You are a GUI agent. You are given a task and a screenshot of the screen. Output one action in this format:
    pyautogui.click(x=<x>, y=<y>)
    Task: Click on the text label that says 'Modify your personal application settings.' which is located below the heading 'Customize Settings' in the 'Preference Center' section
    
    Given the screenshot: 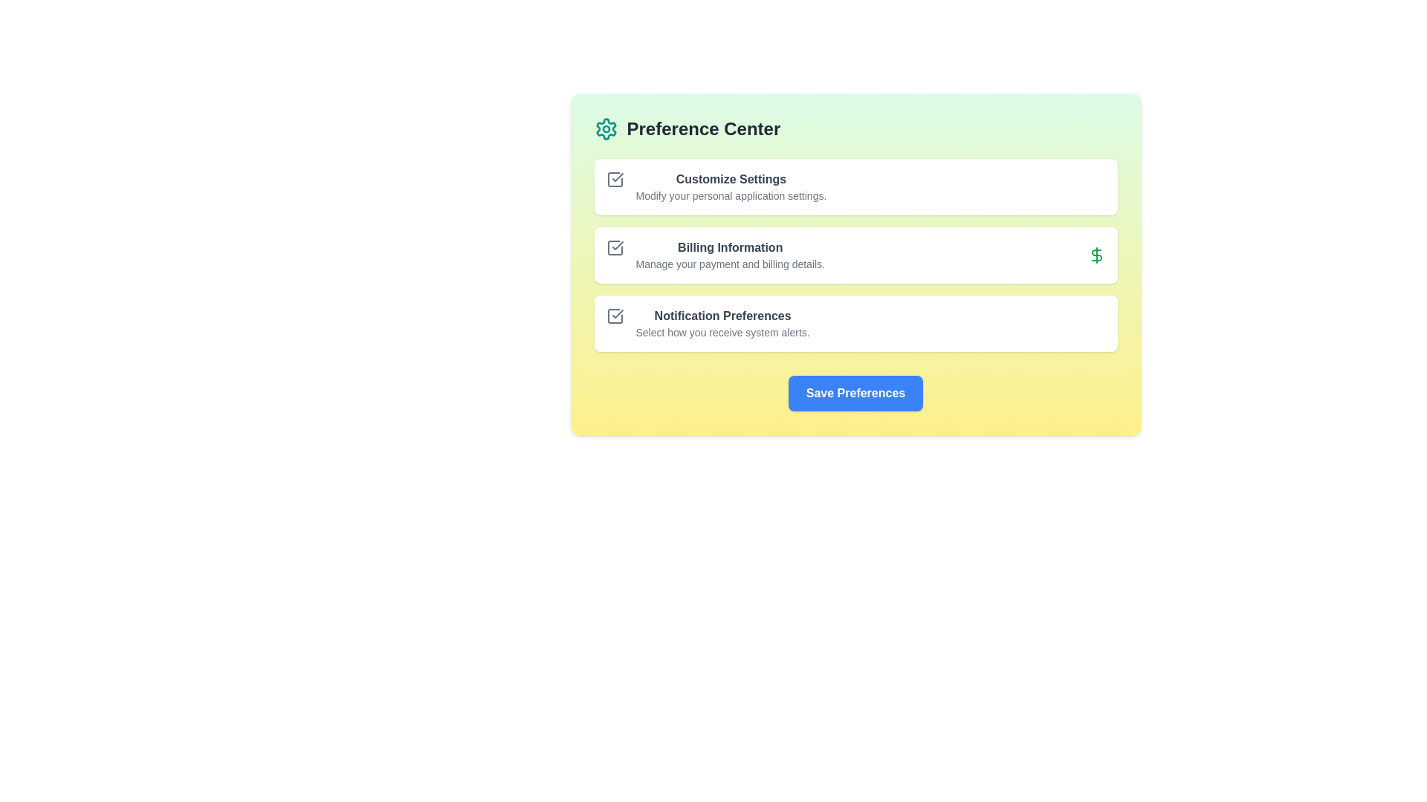 What is the action you would take?
    pyautogui.click(x=731, y=195)
    